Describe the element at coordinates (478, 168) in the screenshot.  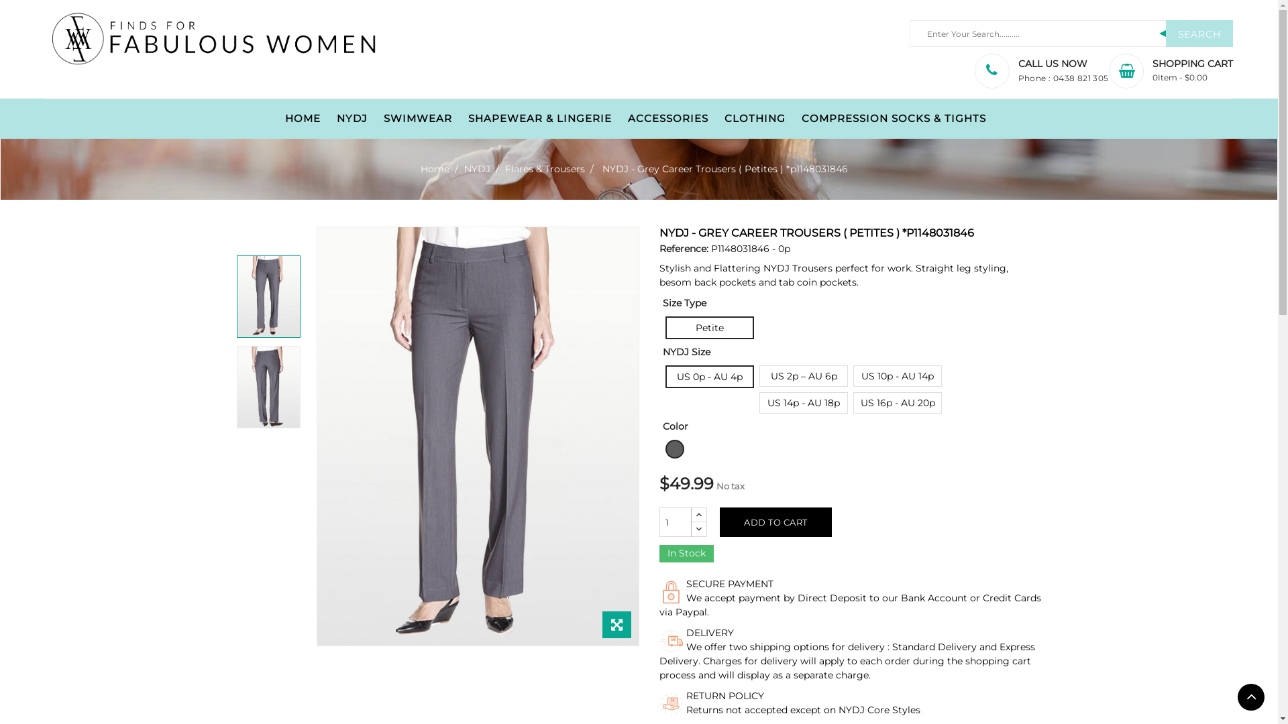
I see `'NYDJ'` at that location.